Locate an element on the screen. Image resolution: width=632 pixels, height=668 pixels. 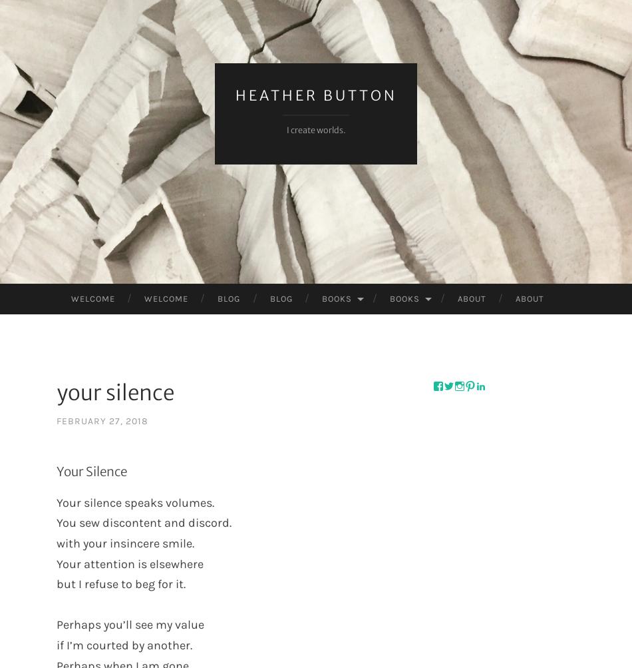
'Heather Button' is located at coordinates (315, 94).